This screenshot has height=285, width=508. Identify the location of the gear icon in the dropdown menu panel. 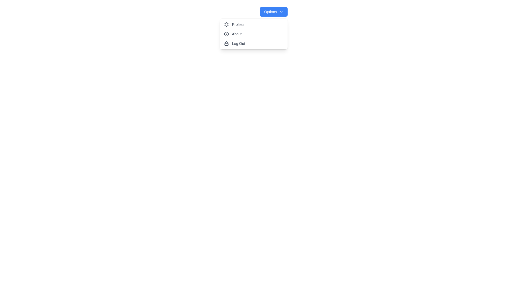
(226, 24).